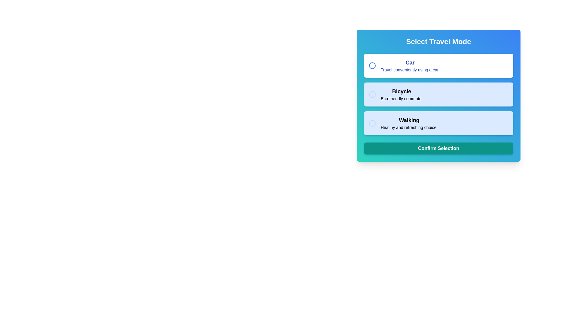  Describe the element at coordinates (401, 94) in the screenshot. I see `the selectable list item for 'Bicycle'` at that location.